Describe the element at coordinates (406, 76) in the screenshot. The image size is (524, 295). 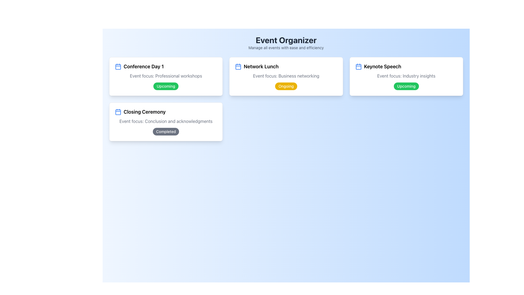
I see `the text label that reads 'Event focus: Industry insights', which is styled in gray and located inside the 'Keynote Speech' card, positioned on the right side of the interface` at that location.